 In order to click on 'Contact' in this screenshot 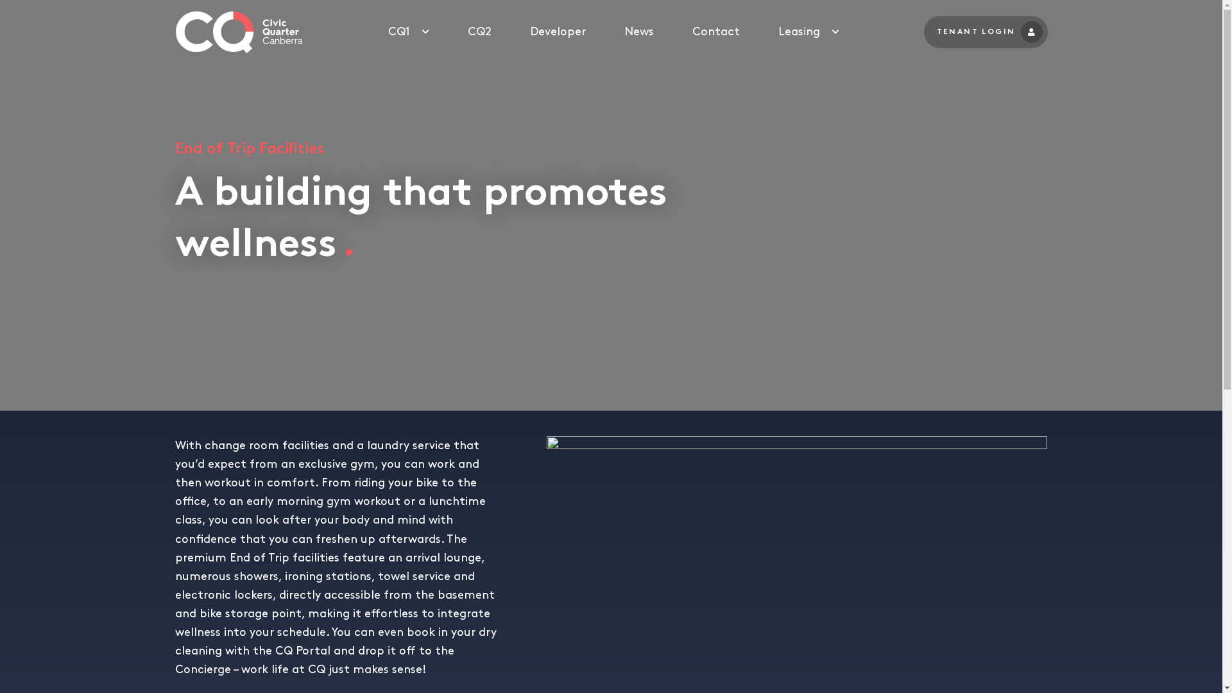, I will do `click(715, 31)`.